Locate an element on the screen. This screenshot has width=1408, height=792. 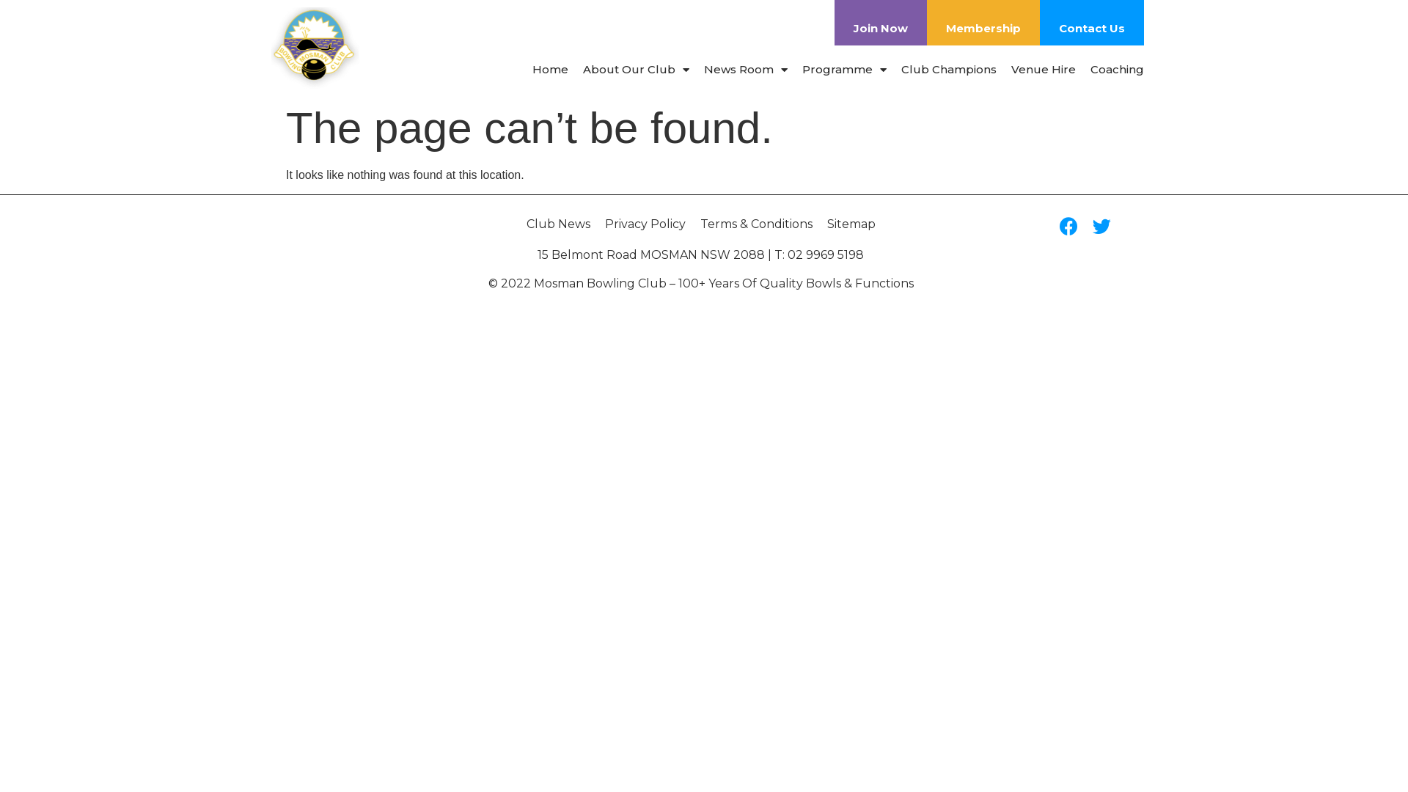
'Membership' is located at coordinates (983, 22).